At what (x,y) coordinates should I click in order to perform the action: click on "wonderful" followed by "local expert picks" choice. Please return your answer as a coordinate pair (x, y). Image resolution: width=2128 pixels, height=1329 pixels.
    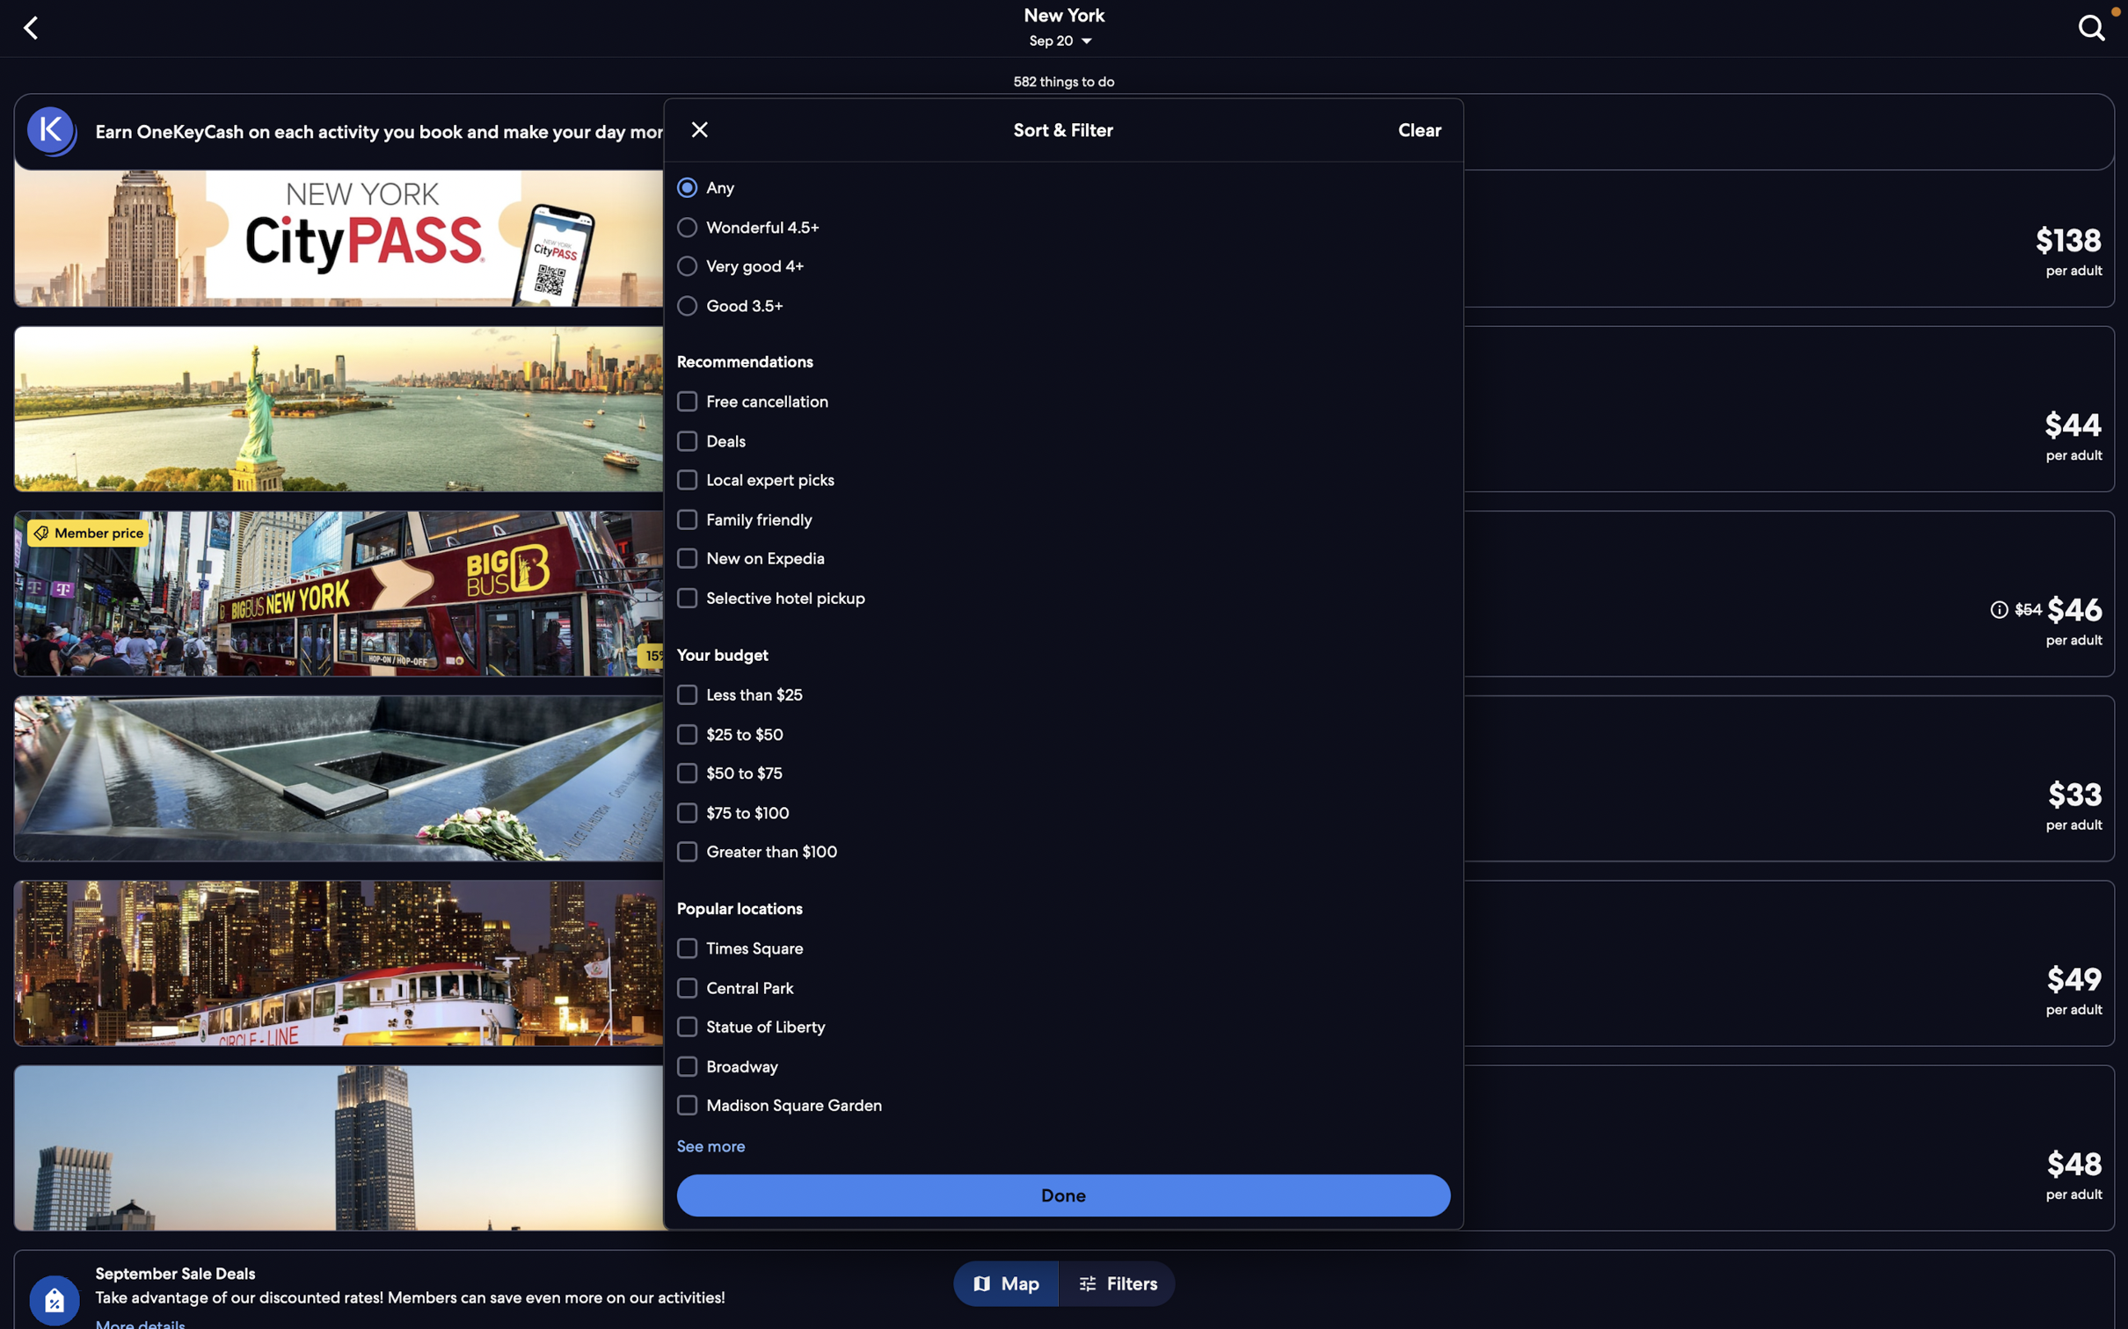
    Looking at the image, I should click on (1060, 227).